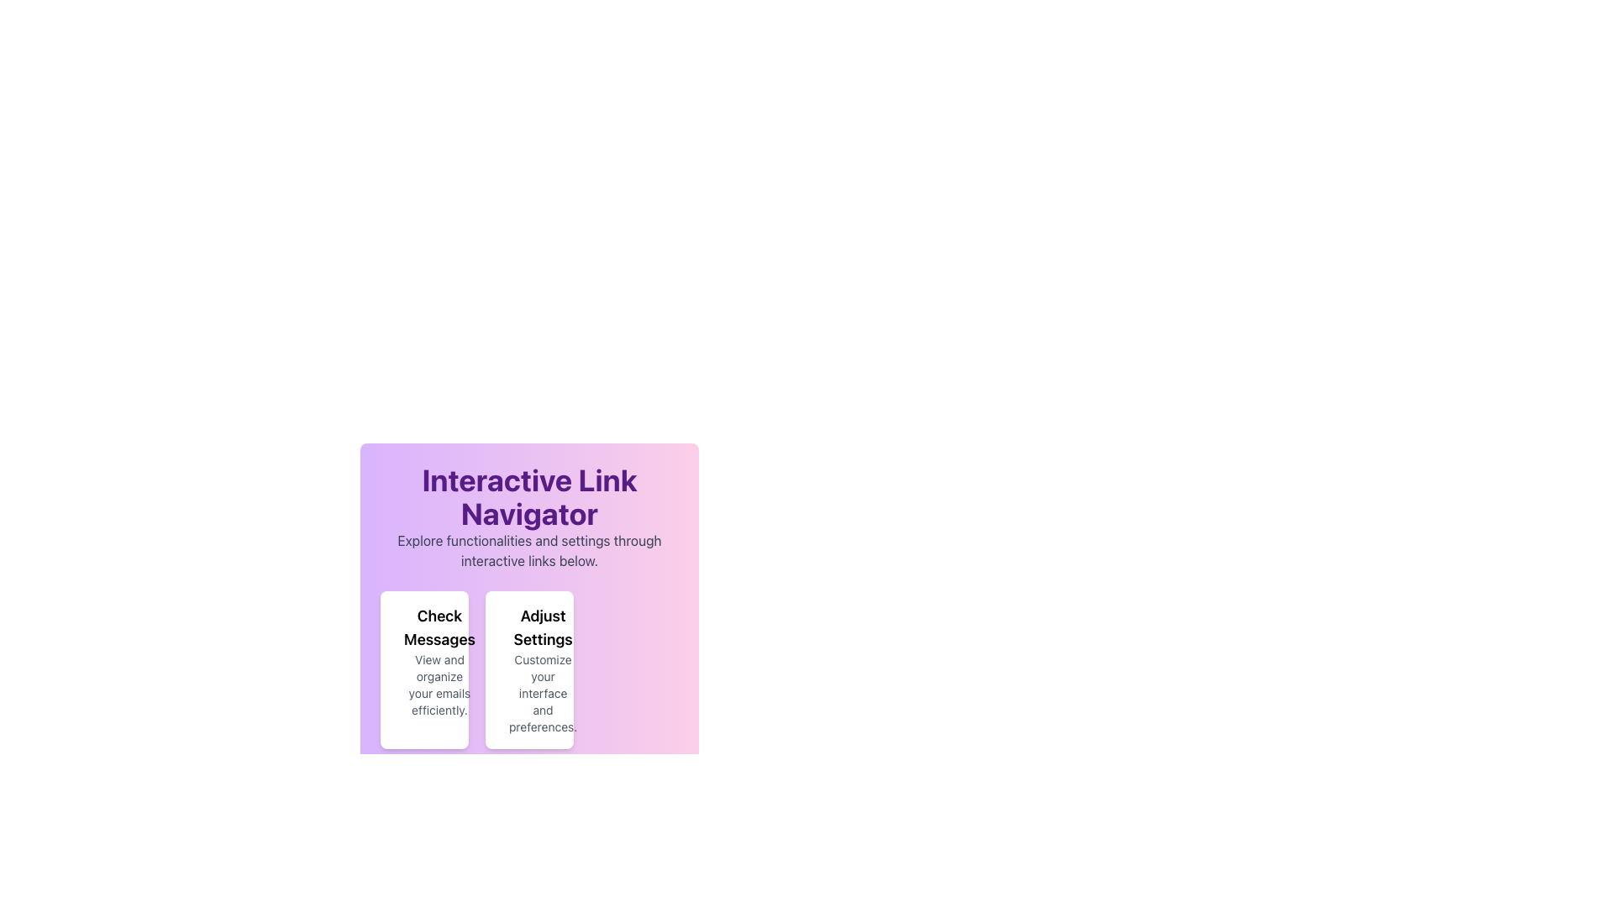 The width and height of the screenshot is (1613, 907). What do you see at coordinates (528, 669) in the screenshot?
I see `the Information Panel titled 'Adjust Settings'` at bounding box center [528, 669].